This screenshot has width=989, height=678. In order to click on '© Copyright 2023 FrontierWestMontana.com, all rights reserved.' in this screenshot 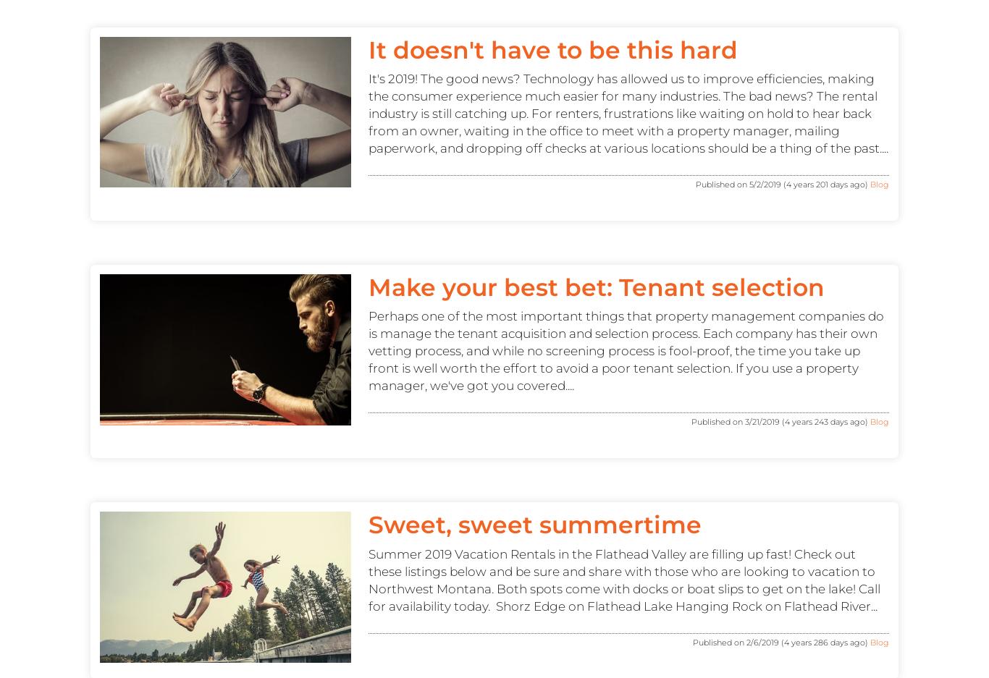, I will do `click(493, 246)`.